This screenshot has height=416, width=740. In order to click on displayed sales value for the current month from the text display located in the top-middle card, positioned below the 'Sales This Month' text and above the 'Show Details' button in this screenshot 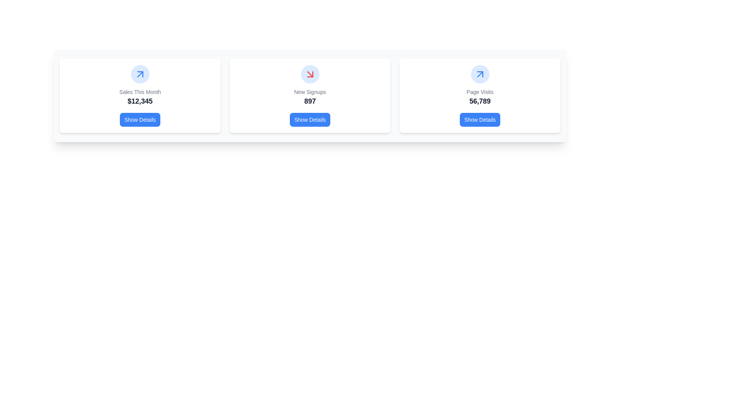, I will do `click(140, 101)`.